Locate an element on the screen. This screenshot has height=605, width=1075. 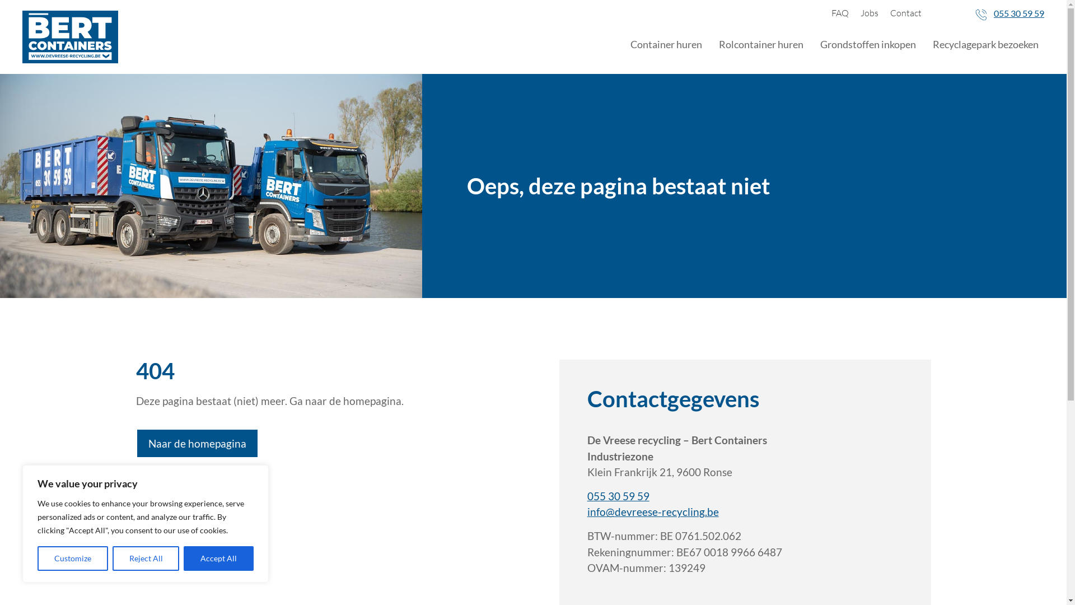
'Customize' is located at coordinates (72, 558).